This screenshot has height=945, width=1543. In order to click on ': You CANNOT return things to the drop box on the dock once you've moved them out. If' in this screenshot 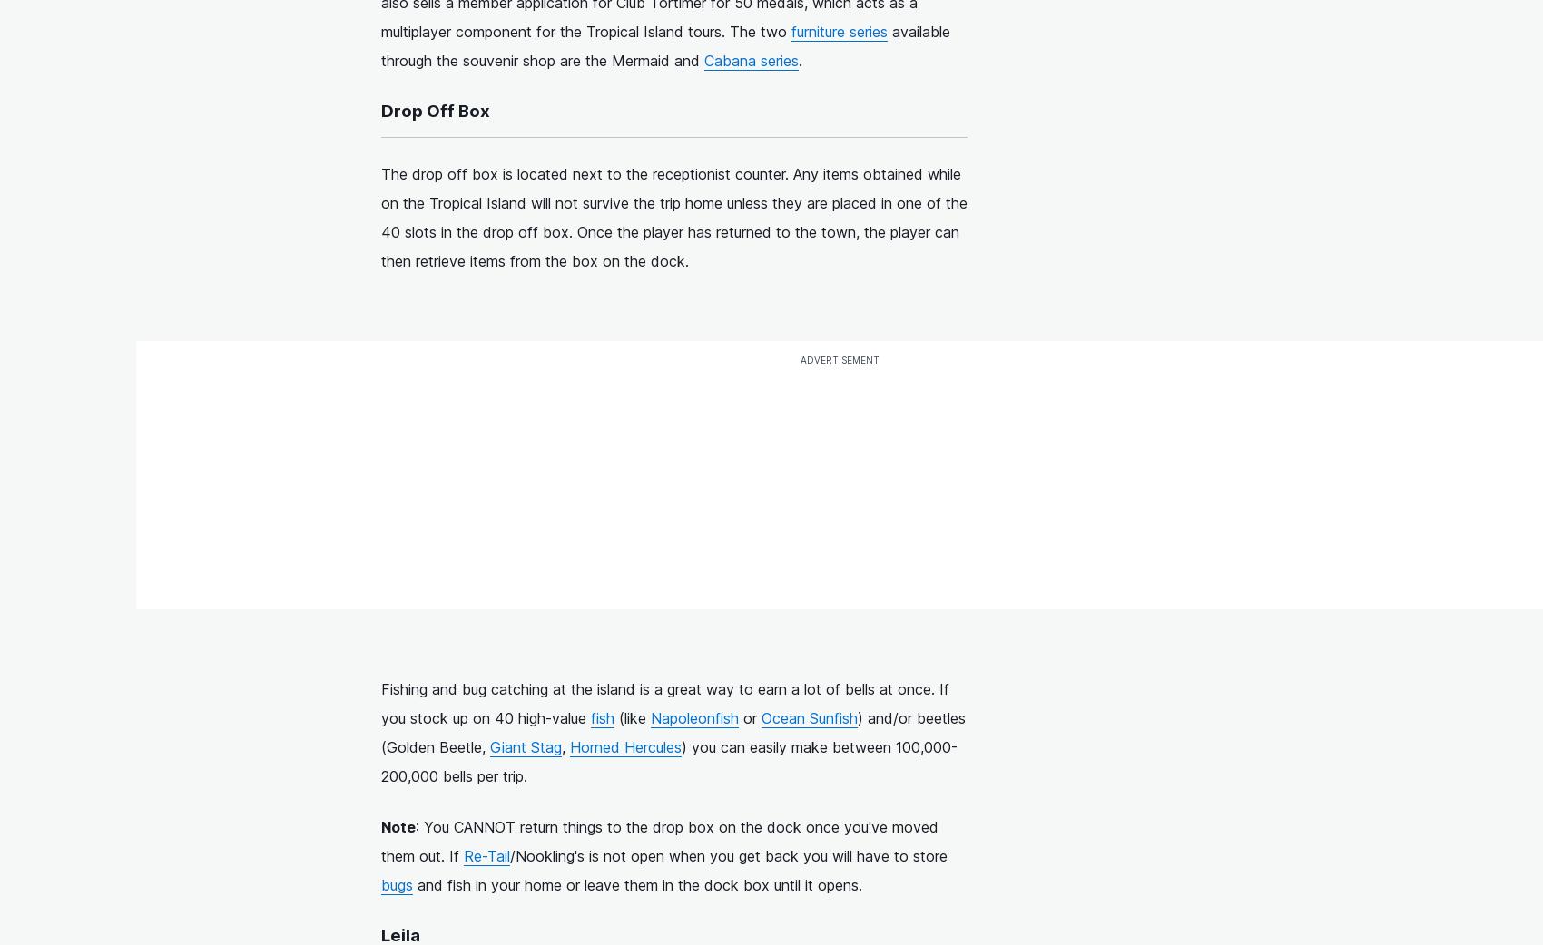, I will do `click(659, 839)`.